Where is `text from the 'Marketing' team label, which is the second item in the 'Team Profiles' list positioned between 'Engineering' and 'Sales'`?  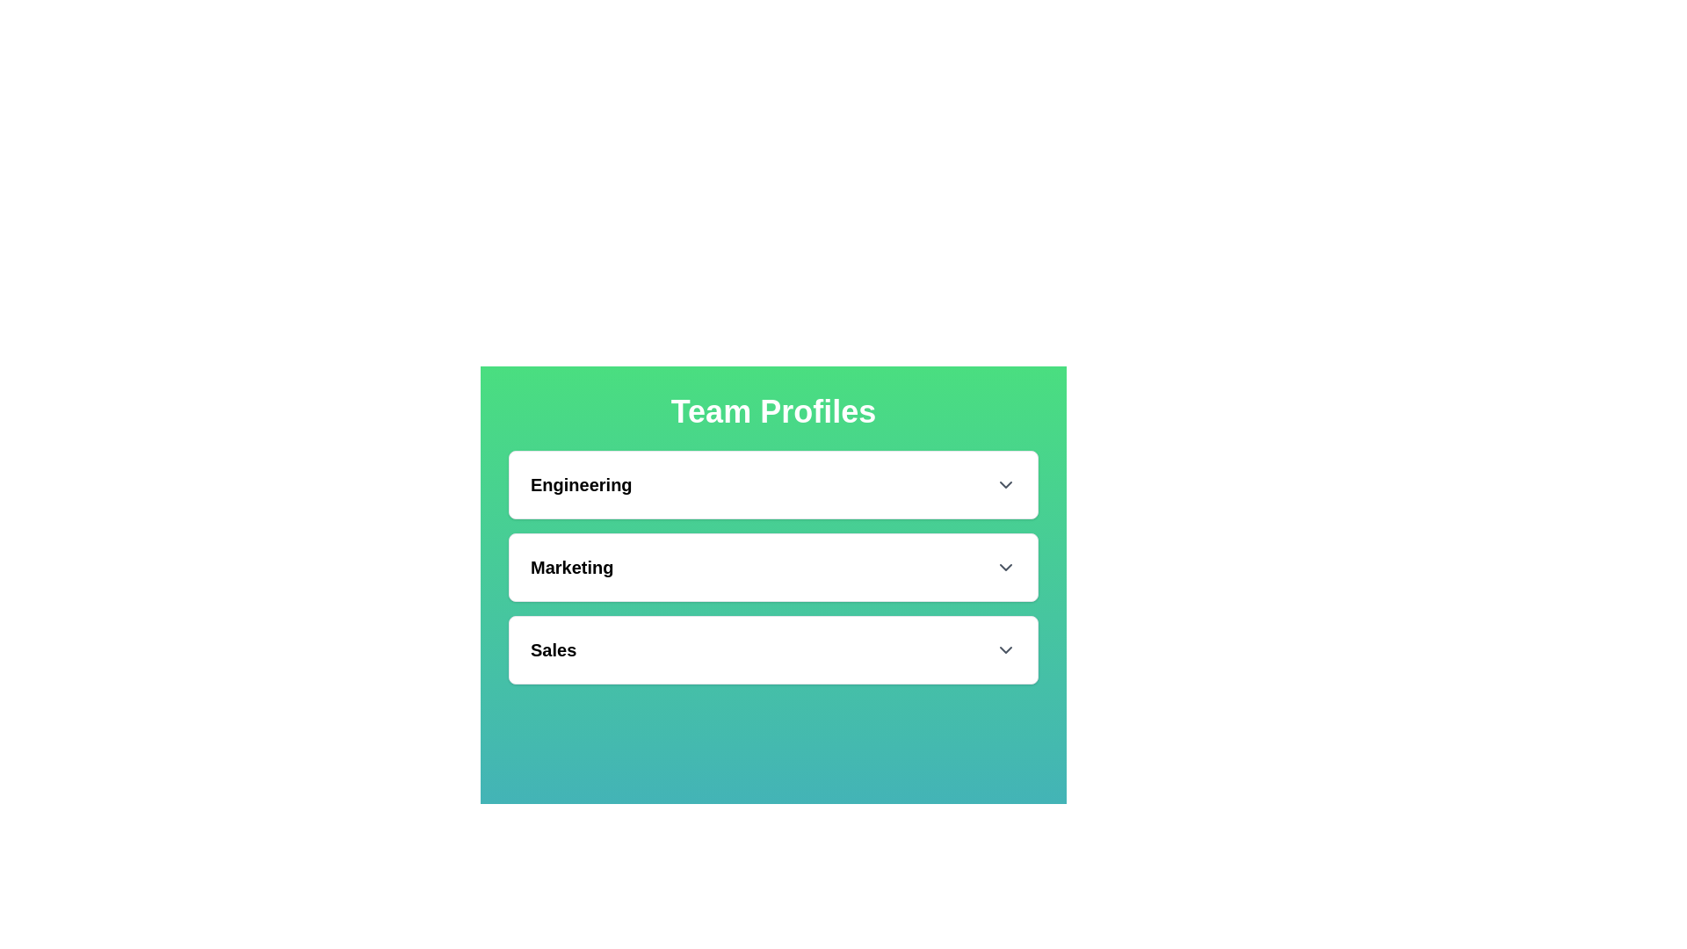 text from the 'Marketing' team label, which is the second item in the 'Team Profiles' list positioned between 'Engineering' and 'Sales' is located at coordinates (572, 567).